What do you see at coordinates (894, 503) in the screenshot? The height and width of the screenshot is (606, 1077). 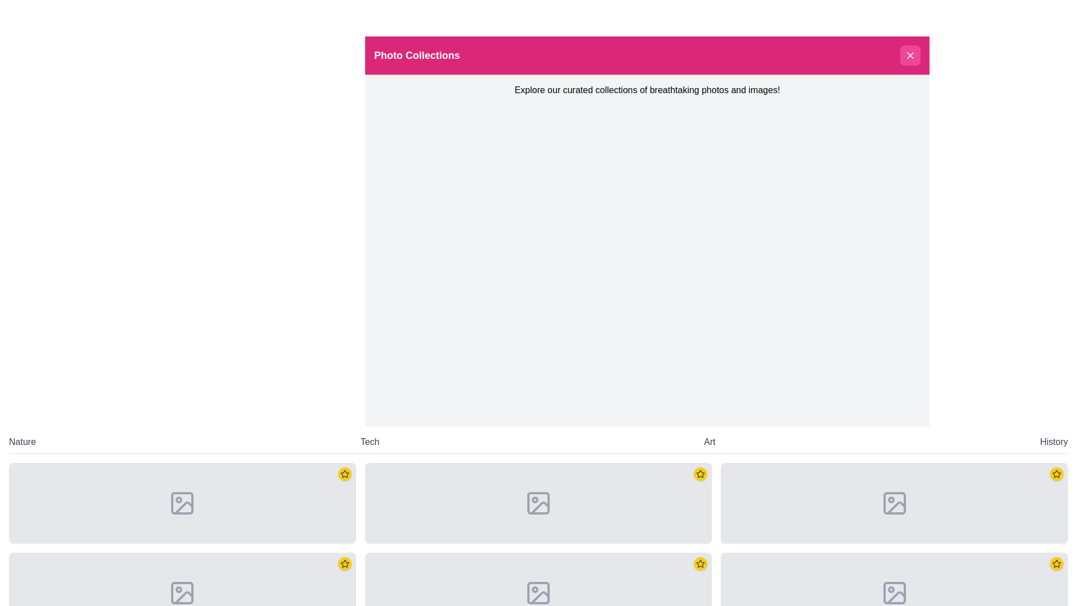 I see `the top-left rounded rectangle of the photo icon in the bottom row of the grid under the 'Art' category` at bounding box center [894, 503].